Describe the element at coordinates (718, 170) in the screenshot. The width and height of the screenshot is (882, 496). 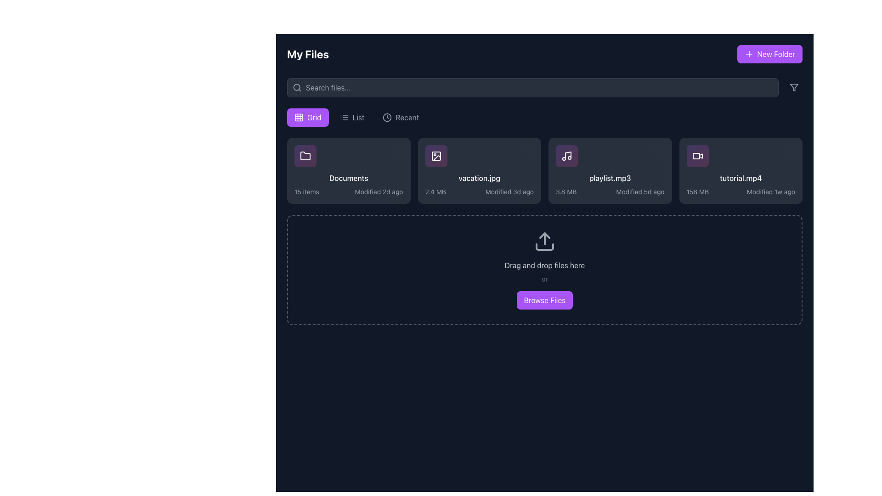
I see `the circular download button with a semi-transparent white background located in the top-right corner of the fourth item titled 'tutorial.mp4' to initiate a download` at that location.